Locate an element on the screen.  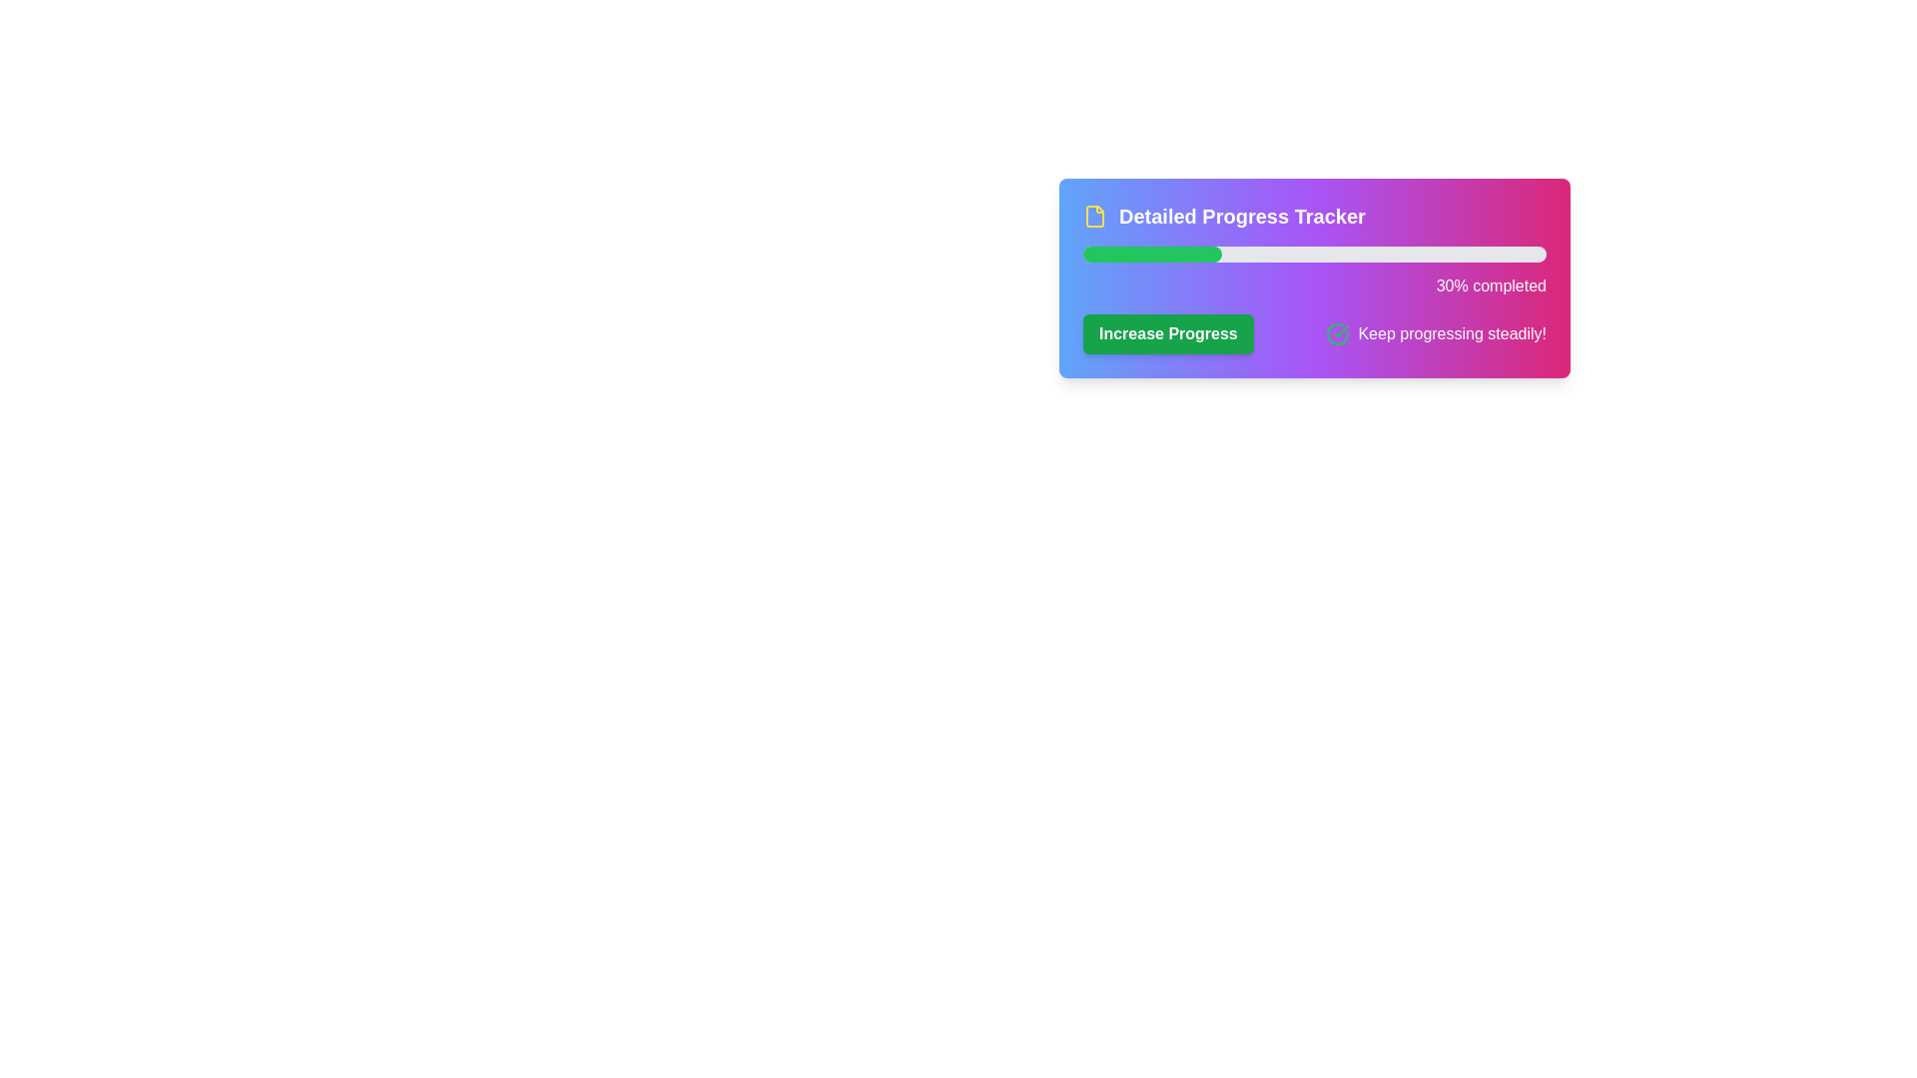
the button that increases progress in the task tracking system is located at coordinates (1168, 333).